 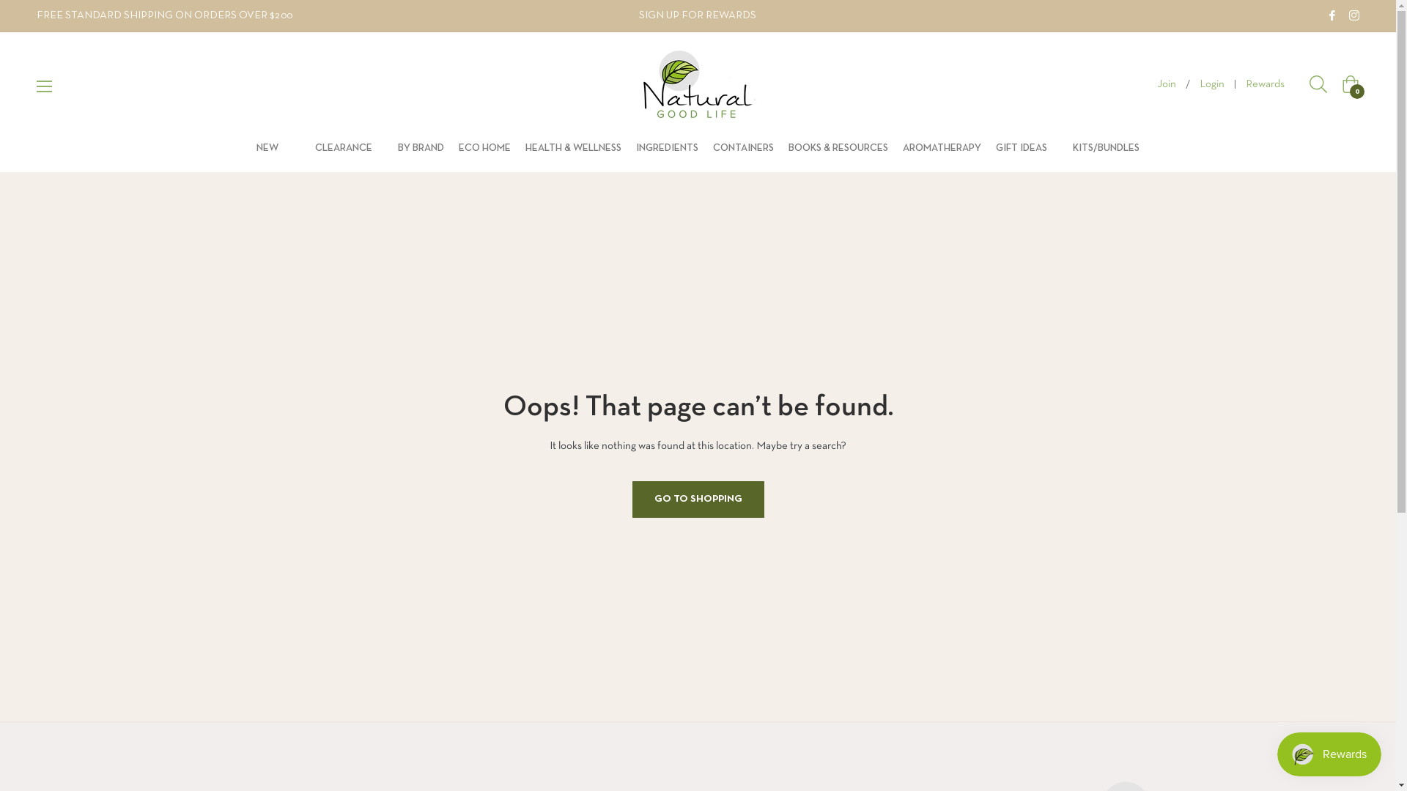 What do you see at coordinates (484, 148) in the screenshot?
I see `'ECO HOME'` at bounding box center [484, 148].